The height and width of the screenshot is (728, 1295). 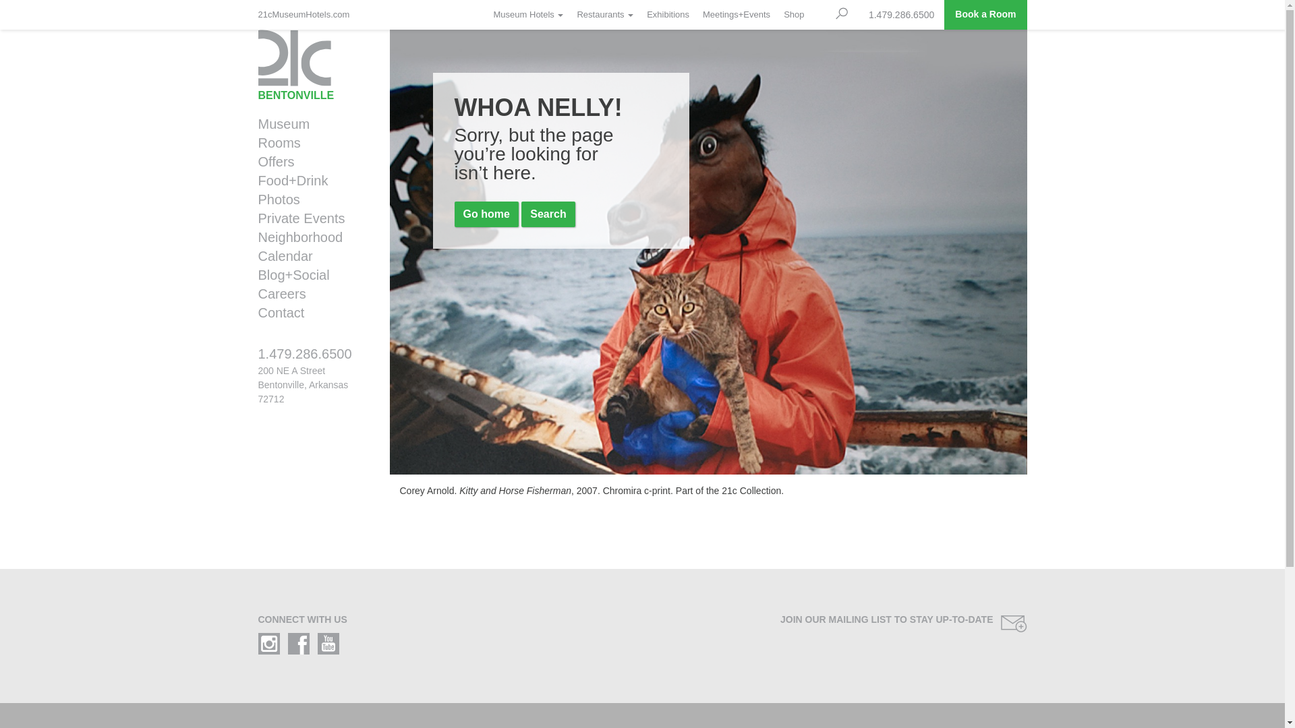 I want to click on 'Book a Room', so click(x=985, y=15).